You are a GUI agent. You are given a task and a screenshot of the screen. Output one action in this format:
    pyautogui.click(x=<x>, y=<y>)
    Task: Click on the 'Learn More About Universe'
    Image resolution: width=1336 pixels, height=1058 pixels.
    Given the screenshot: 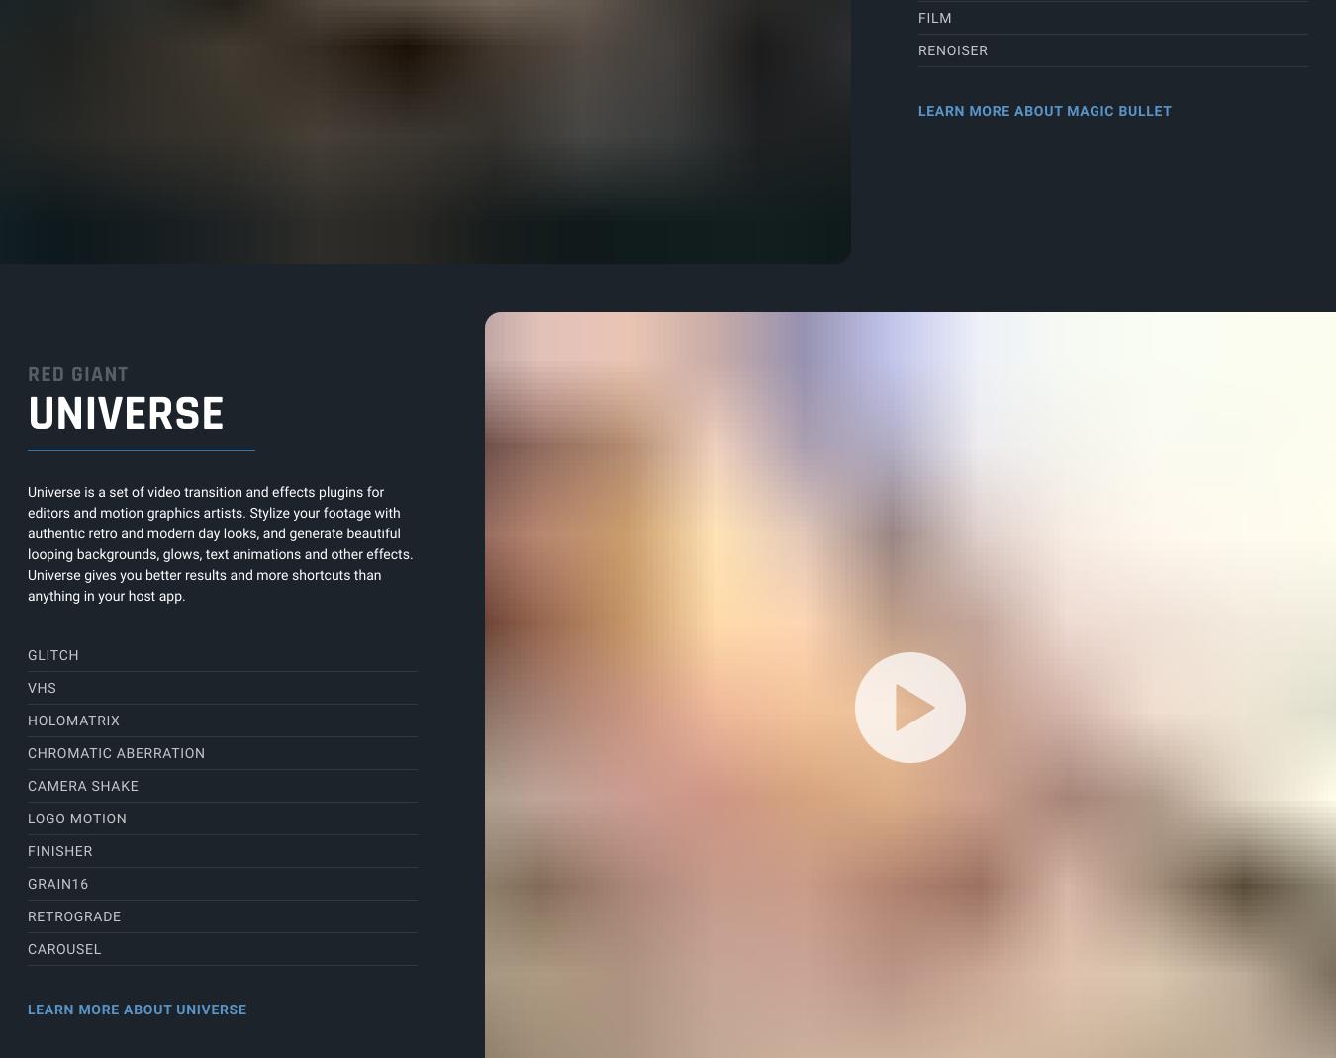 What is the action you would take?
    pyautogui.click(x=137, y=1010)
    